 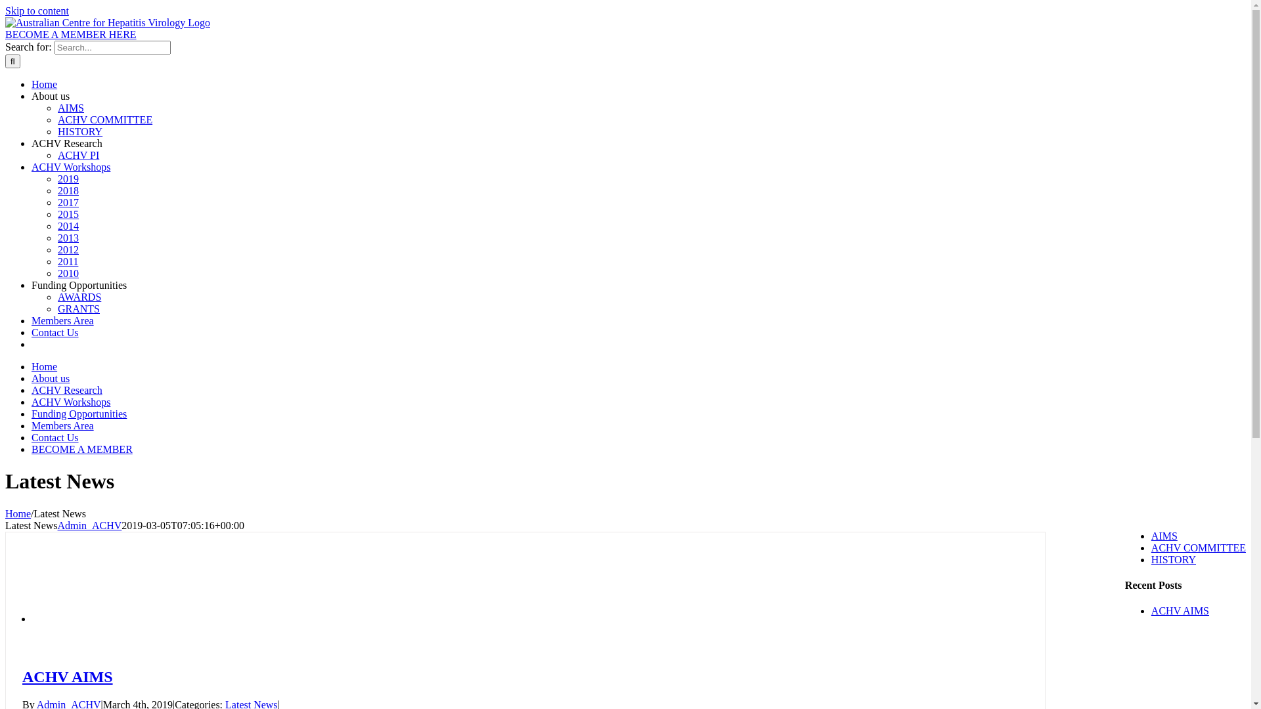 What do you see at coordinates (56, 272) in the screenshot?
I see `'2010'` at bounding box center [56, 272].